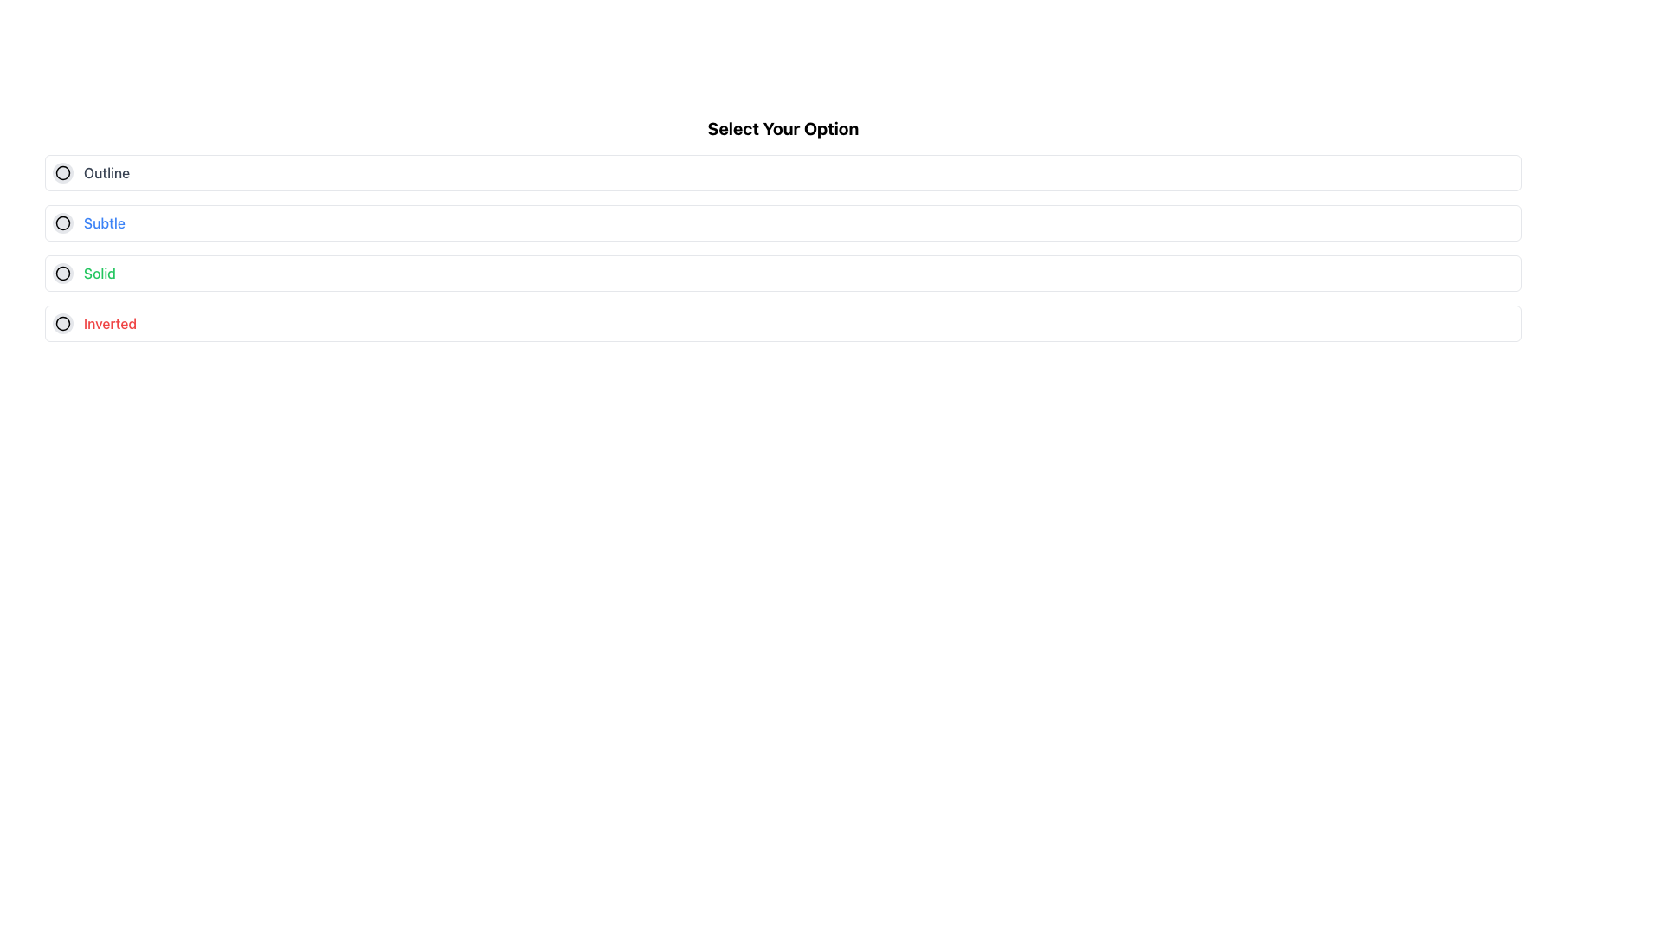  I want to click on text label 'Inverted', which is styled in red and is the fourth selectable option in the list, so click(109, 324).